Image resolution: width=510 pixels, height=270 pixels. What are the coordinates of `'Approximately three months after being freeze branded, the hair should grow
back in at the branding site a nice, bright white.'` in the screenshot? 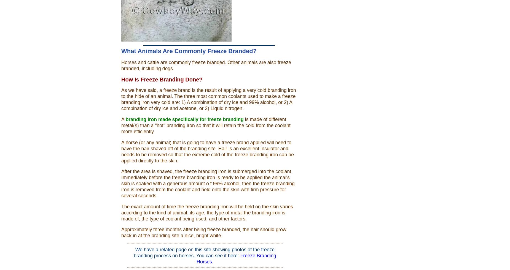 It's located at (204, 233).